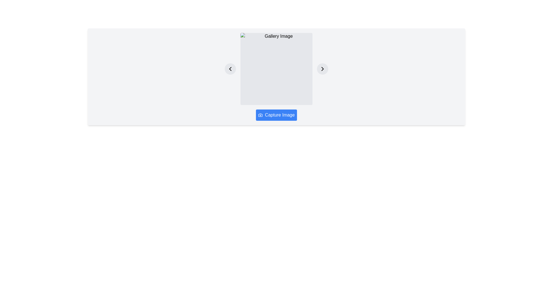 Image resolution: width=540 pixels, height=304 pixels. What do you see at coordinates (323, 69) in the screenshot?
I see `the button on the right side of the gallery` at bounding box center [323, 69].